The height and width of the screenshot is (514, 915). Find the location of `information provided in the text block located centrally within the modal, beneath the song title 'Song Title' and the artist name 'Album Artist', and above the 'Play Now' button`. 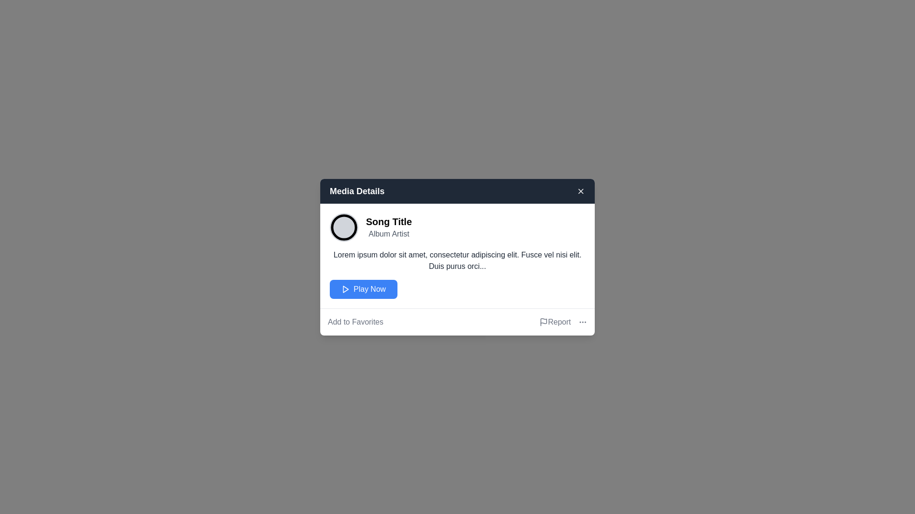

information provided in the text block located centrally within the modal, beneath the song title 'Song Title' and the artist name 'Album Artist', and above the 'Play Now' button is located at coordinates (457, 260).